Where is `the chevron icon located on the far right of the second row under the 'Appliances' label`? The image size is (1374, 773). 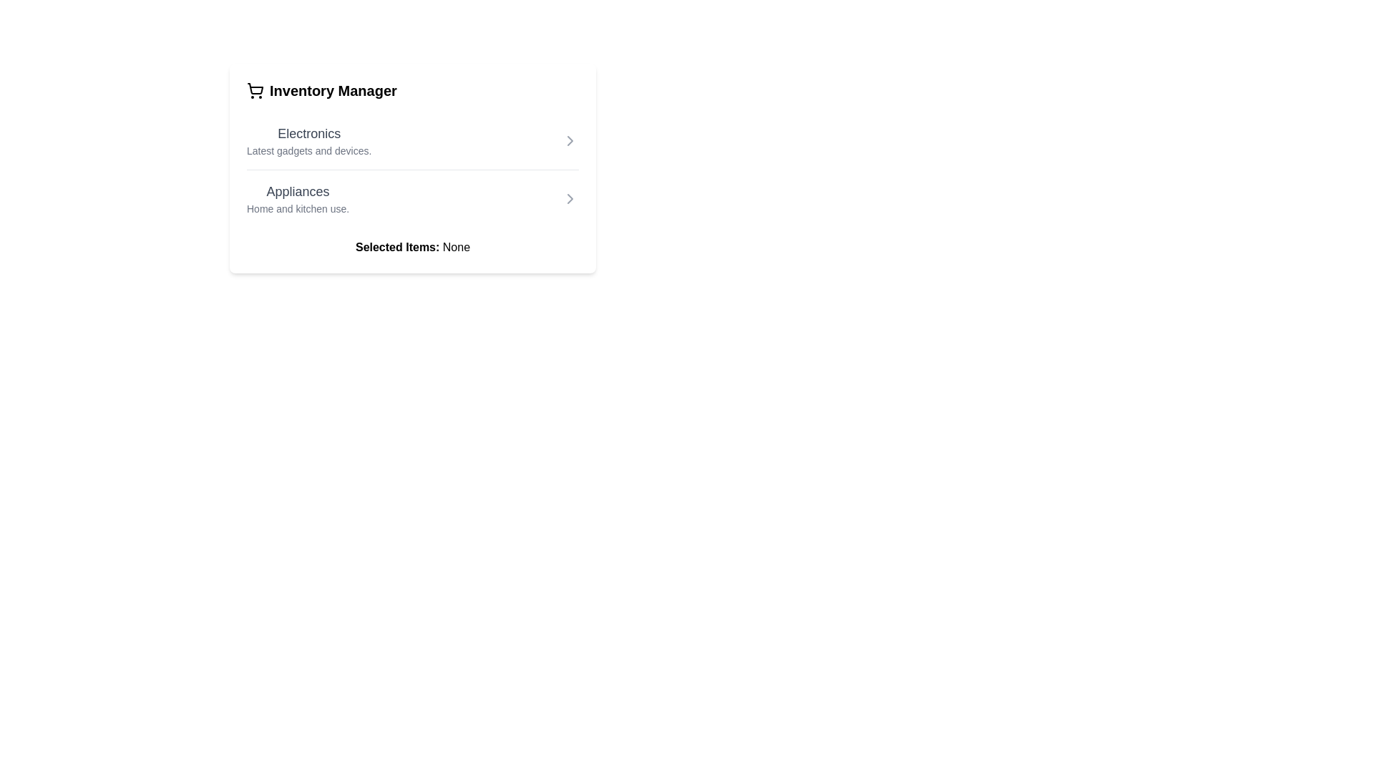
the chevron icon located on the far right of the second row under the 'Appliances' label is located at coordinates (569, 140).